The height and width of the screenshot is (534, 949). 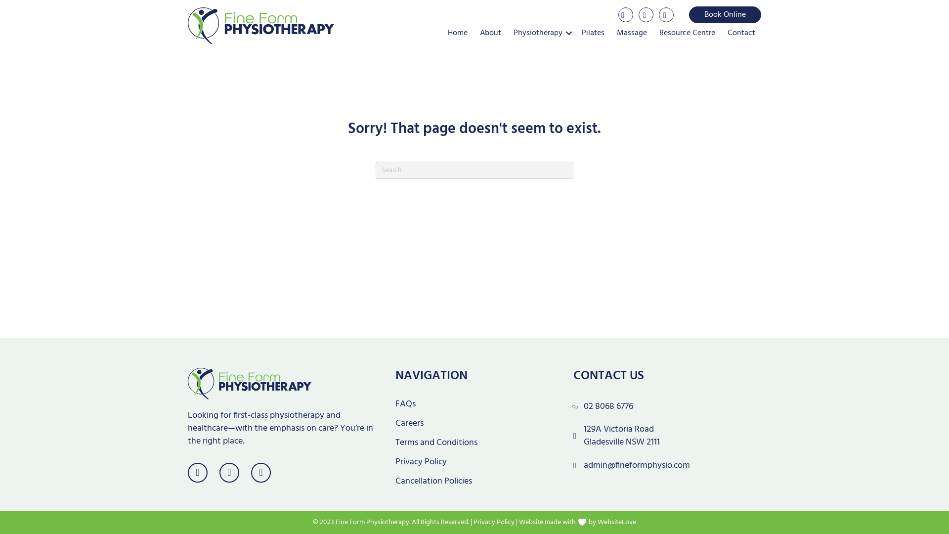 I want to click on 'Home', so click(x=457, y=32).